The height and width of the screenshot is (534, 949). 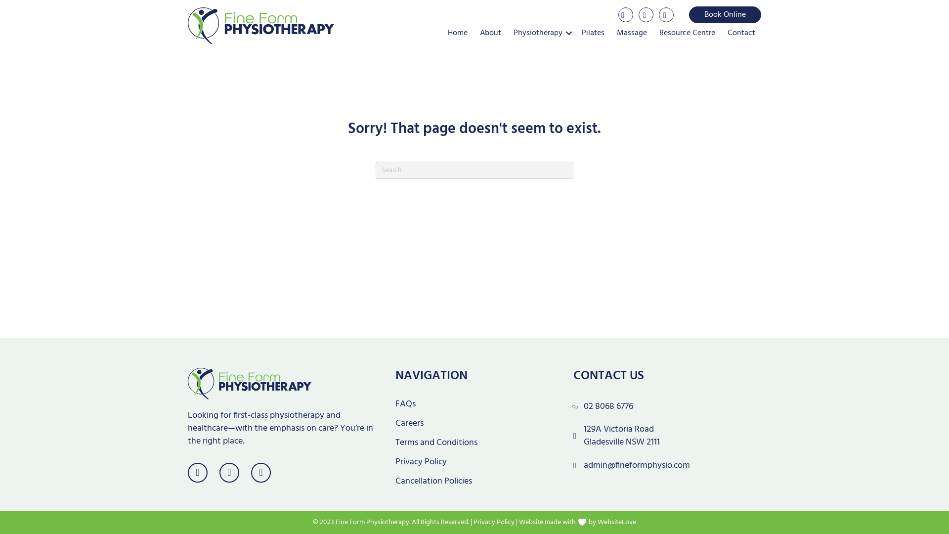 I want to click on 'Home', so click(x=457, y=32).